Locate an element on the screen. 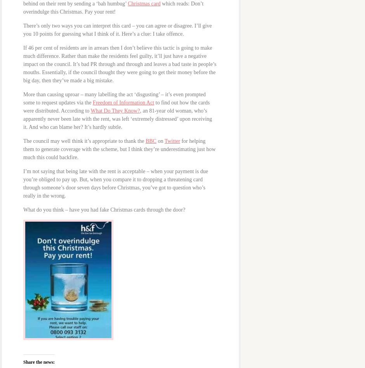 Image resolution: width=365 pixels, height=368 pixels. 'Christmas card' is located at coordinates (144, 3).